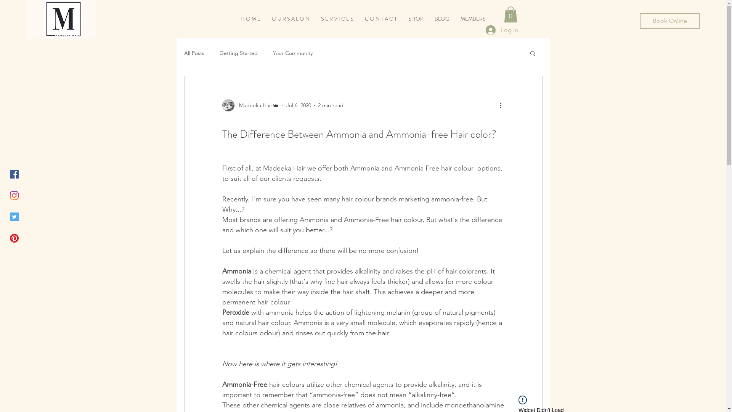  Describe the element at coordinates (510, 14) in the screenshot. I see `'0'` at that location.